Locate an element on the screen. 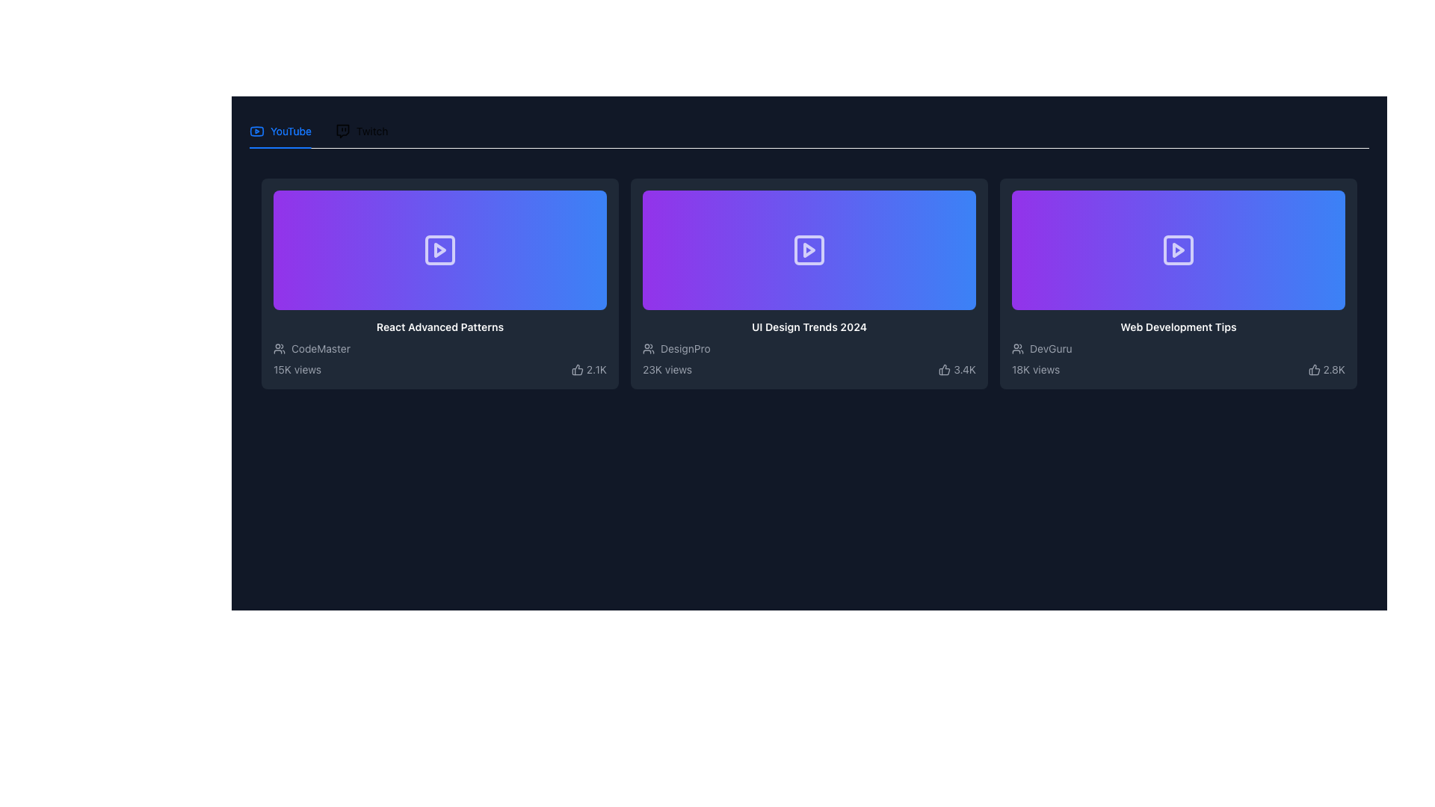 This screenshot has width=1435, height=807. view count displayed in the text label located in the bottom-left corner of the video details card for 'UI Design Trends 2024' is located at coordinates (666, 369).